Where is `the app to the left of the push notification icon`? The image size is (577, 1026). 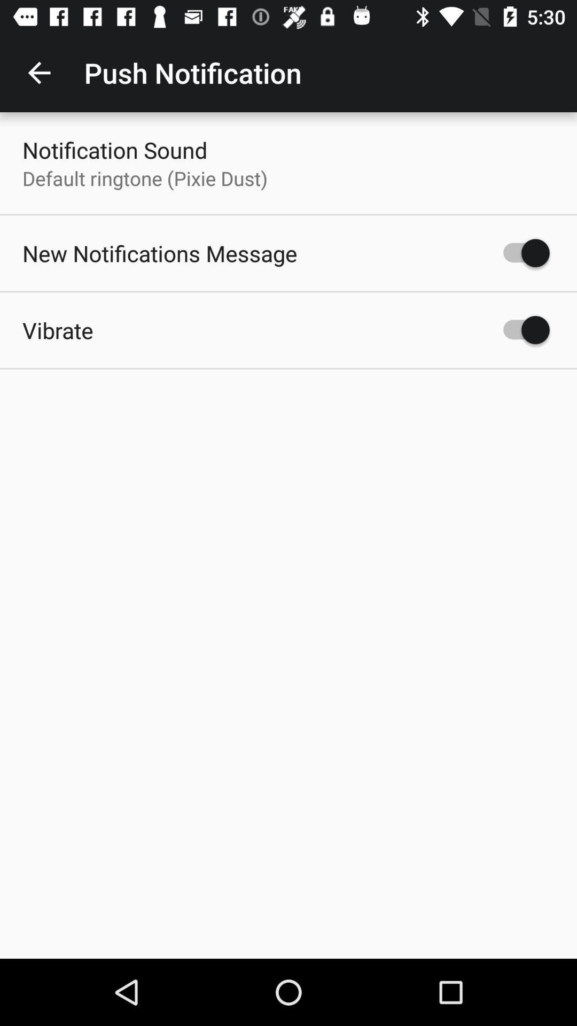
the app to the left of the push notification icon is located at coordinates (38, 72).